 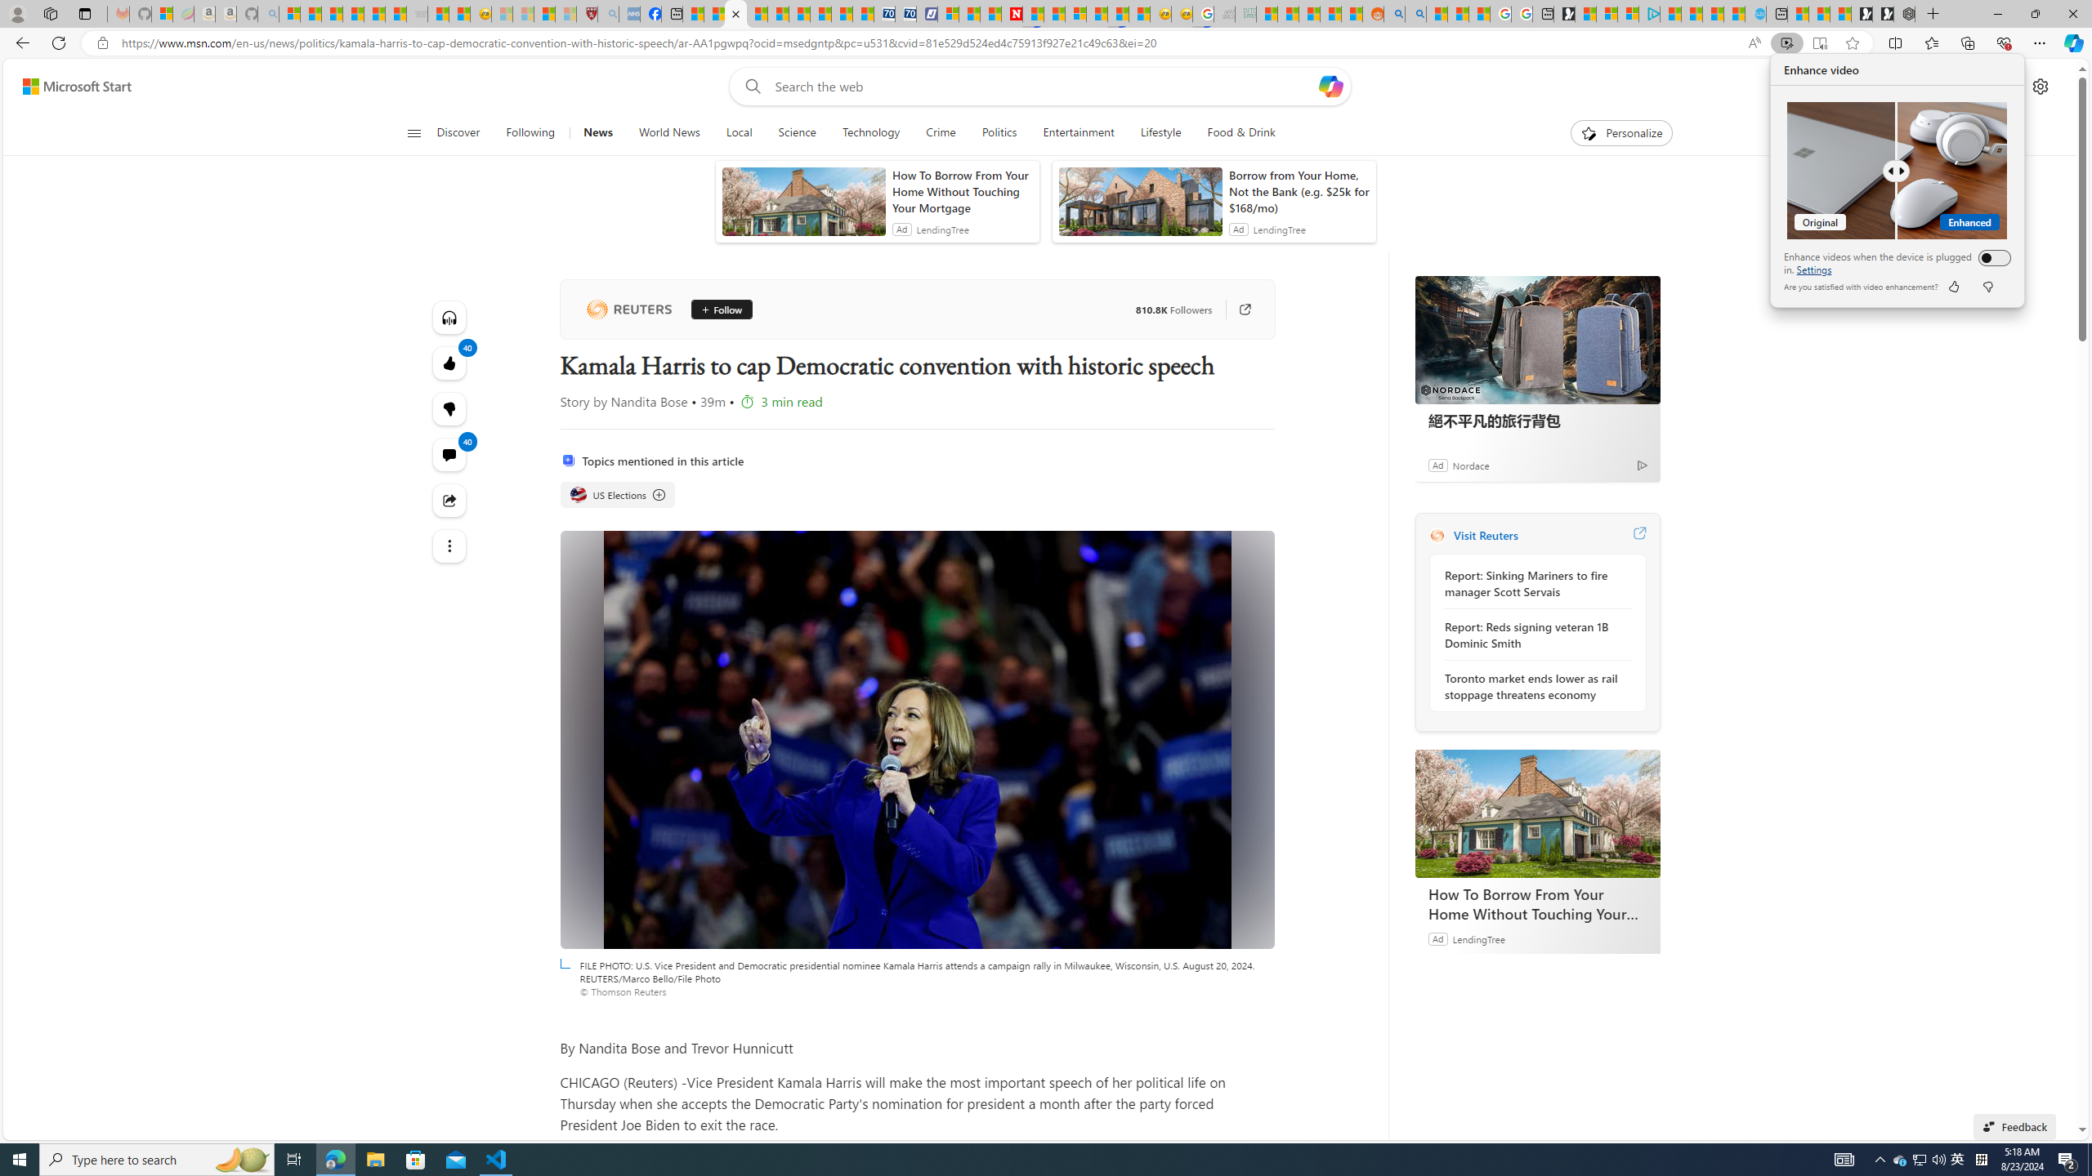 What do you see at coordinates (374, 1158) in the screenshot?
I see `'File Explorer'` at bounding box center [374, 1158].